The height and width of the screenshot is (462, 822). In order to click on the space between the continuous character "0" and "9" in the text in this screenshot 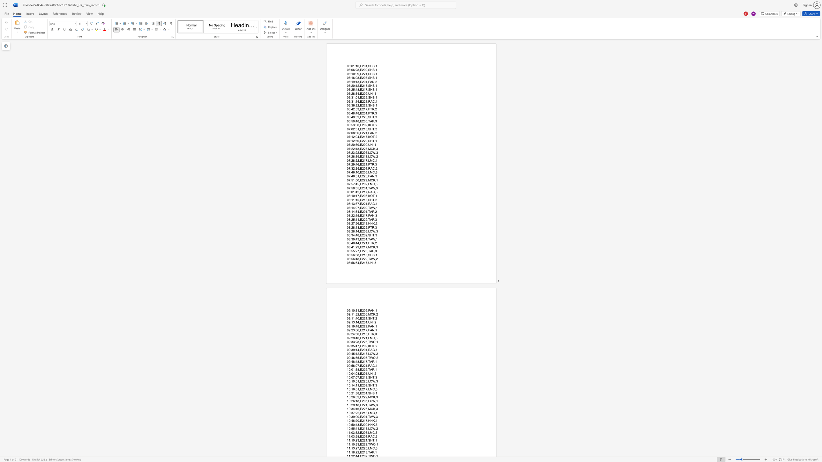, I will do `click(348, 326)`.